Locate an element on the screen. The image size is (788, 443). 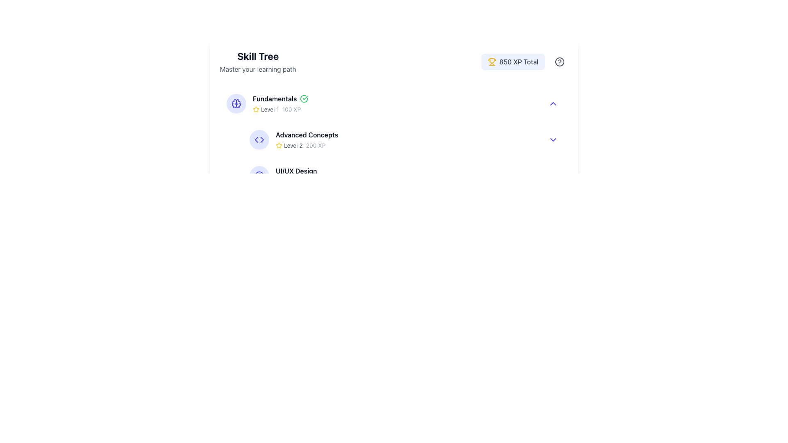
the expand or dropdown indicator SVG icon located at the top-right corner of the layout is located at coordinates (553, 139).